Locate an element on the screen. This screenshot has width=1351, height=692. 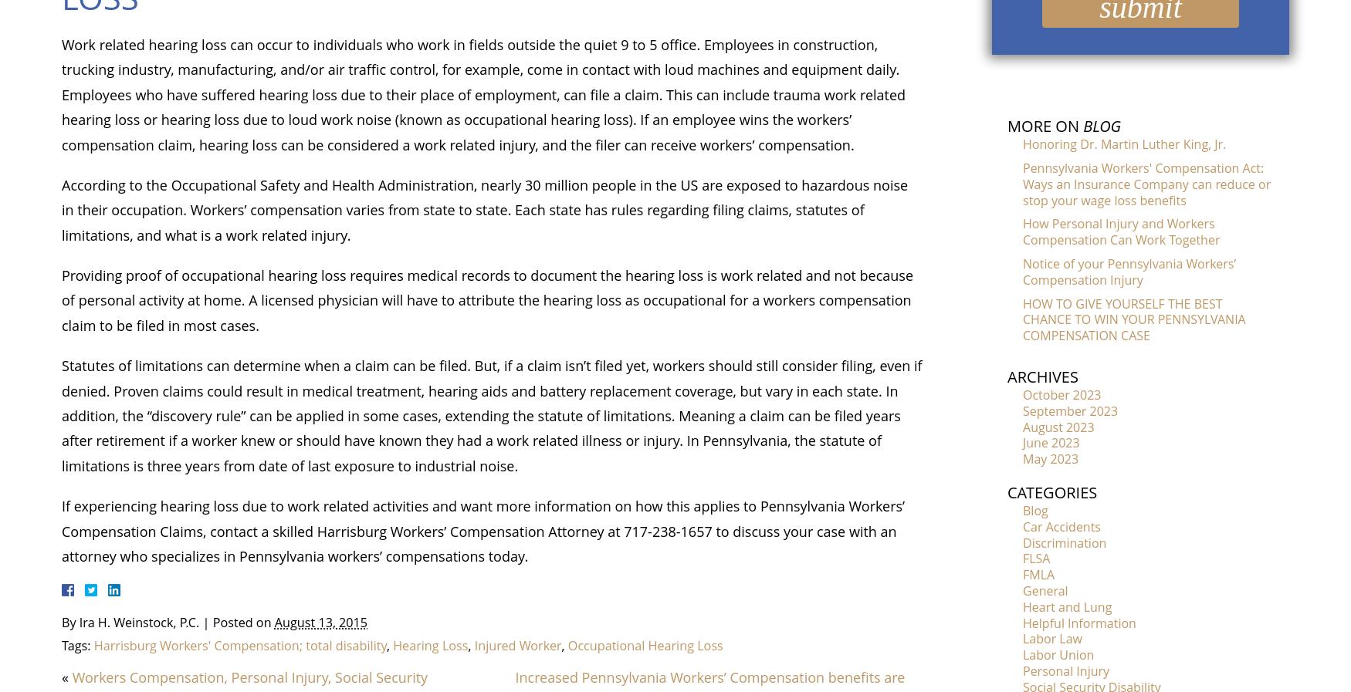
'Categories' is located at coordinates (1006, 491).